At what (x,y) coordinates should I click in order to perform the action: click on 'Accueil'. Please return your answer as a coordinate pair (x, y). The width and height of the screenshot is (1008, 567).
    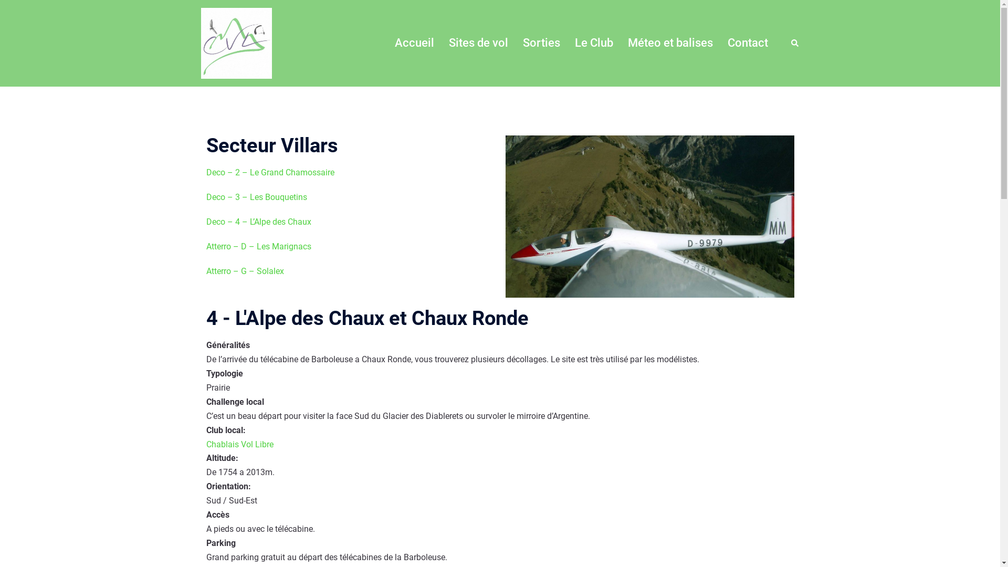
    Looking at the image, I should click on (414, 43).